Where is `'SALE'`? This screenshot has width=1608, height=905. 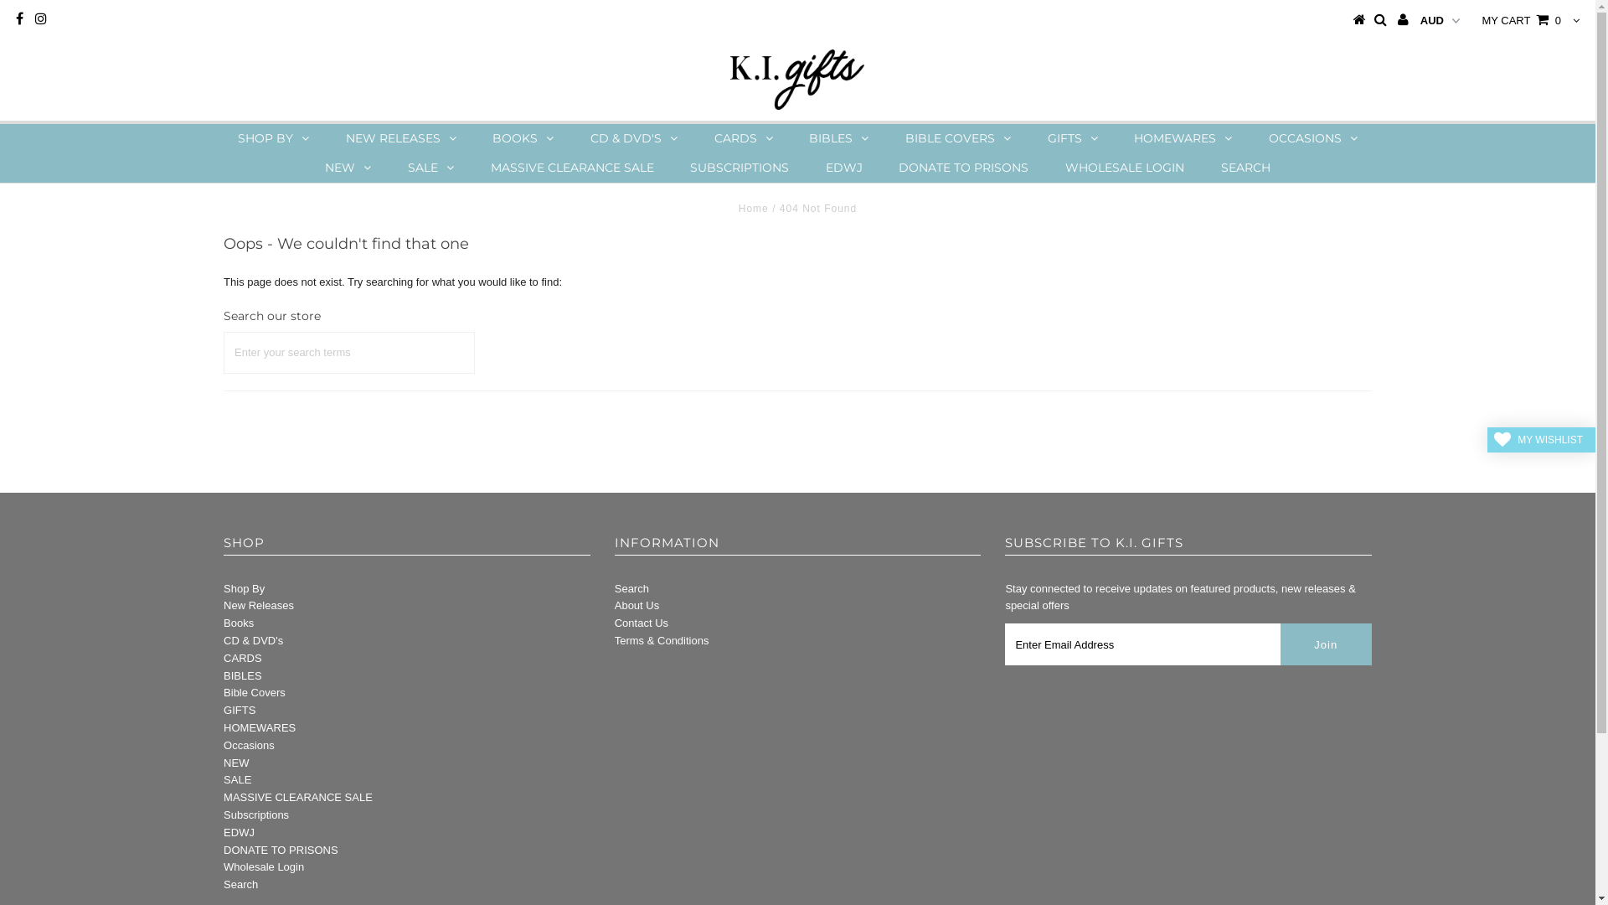
'SALE' is located at coordinates (236, 779).